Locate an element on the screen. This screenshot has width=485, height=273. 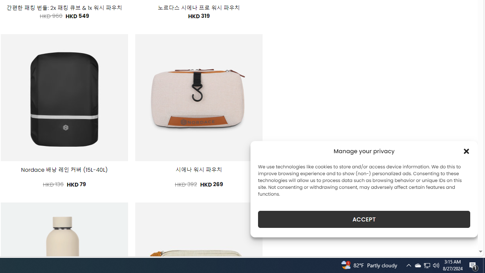
'Class: cmplz-close' is located at coordinates (466, 151).